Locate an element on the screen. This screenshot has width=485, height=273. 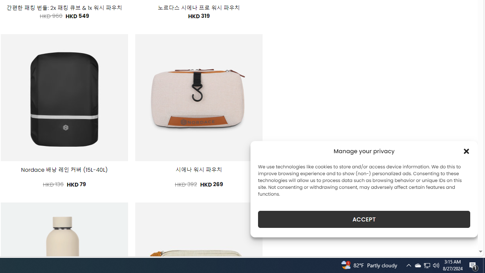
'Class: cmplz-close' is located at coordinates (466, 151).